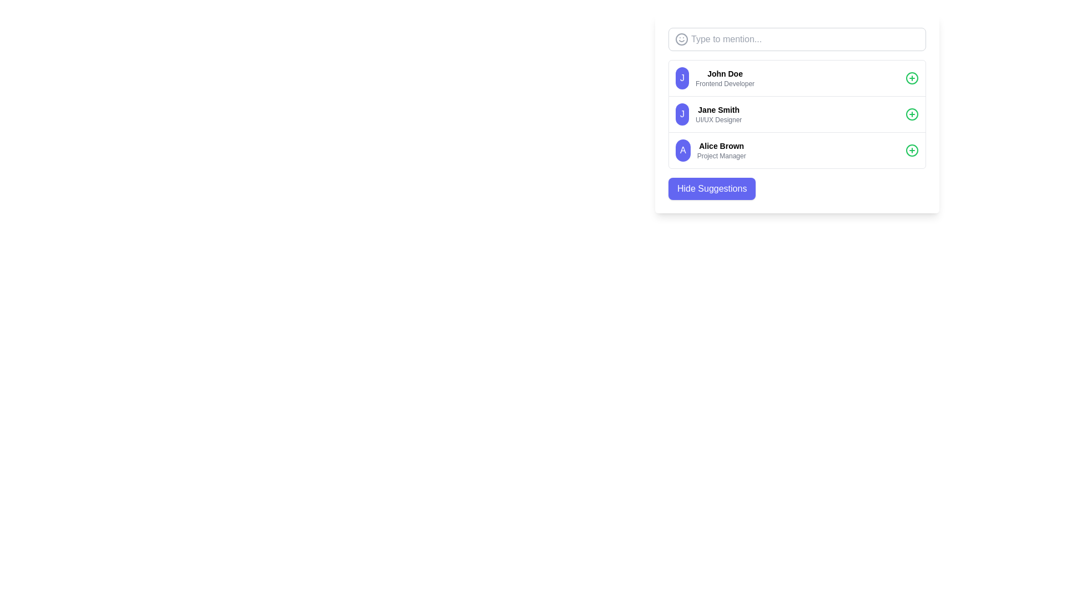  What do you see at coordinates (681, 38) in the screenshot?
I see `the smiling face icon, which is a simple line art drawing located to the left of the text input field prompting 'Type to mention...'` at bounding box center [681, 38].